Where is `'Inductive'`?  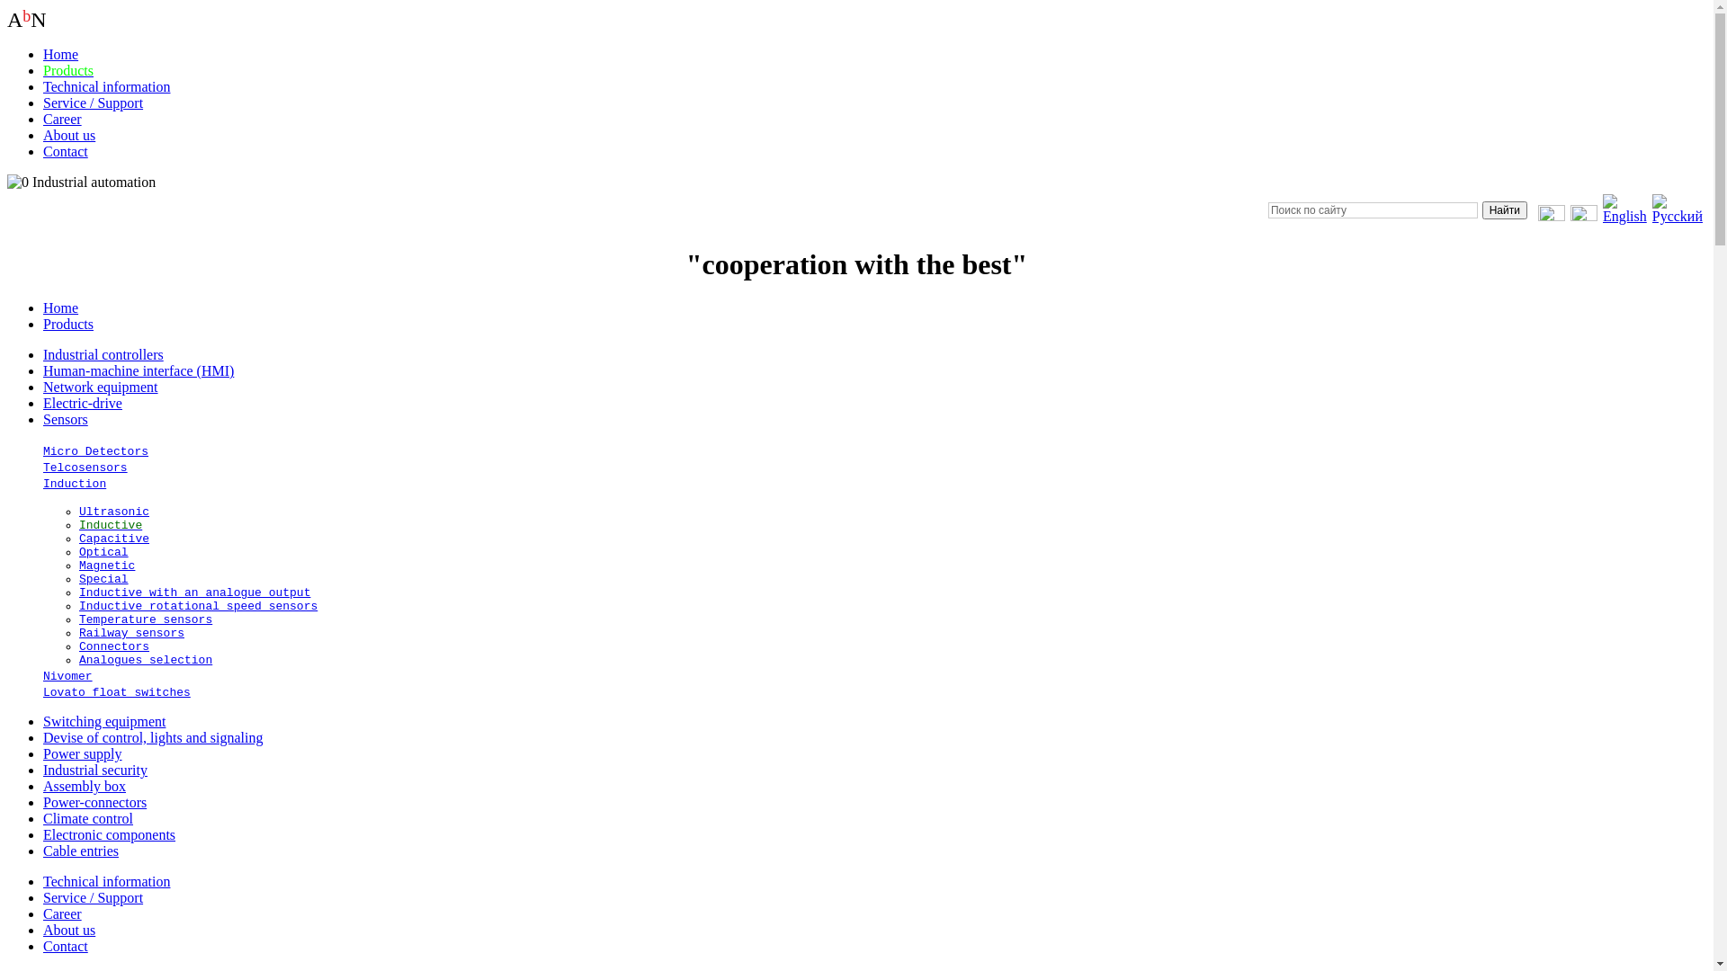 'Inductive' is located at coordinates (110, 525).